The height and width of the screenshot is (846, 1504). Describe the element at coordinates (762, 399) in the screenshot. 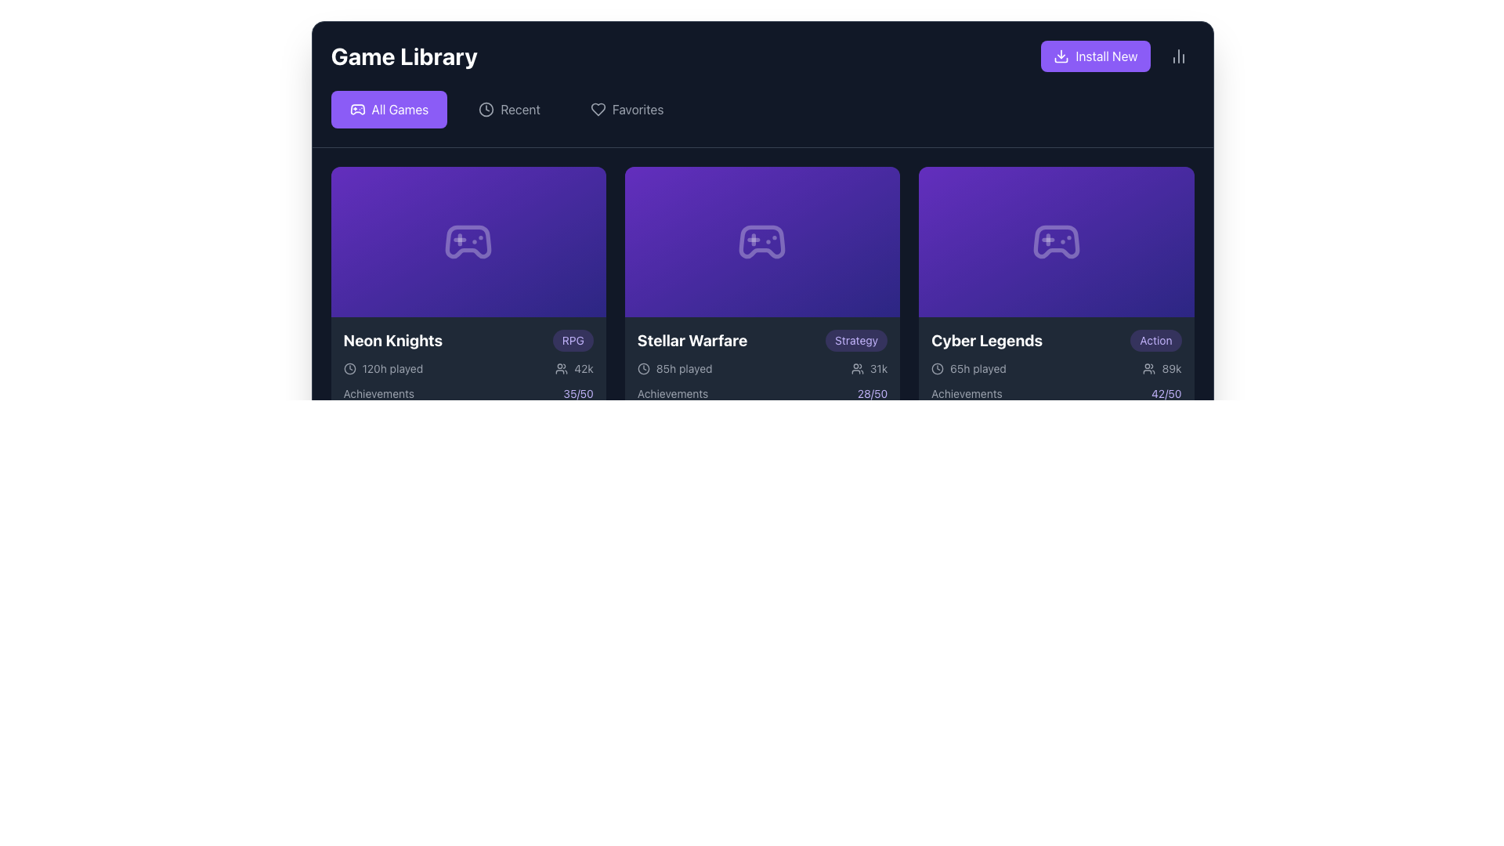

I see `the Progress tracker with text labels that displays achievement information for the 'Stellar Warfare' game, located in the bottom portion of the card in the middle column of the game cards grid` at that location.